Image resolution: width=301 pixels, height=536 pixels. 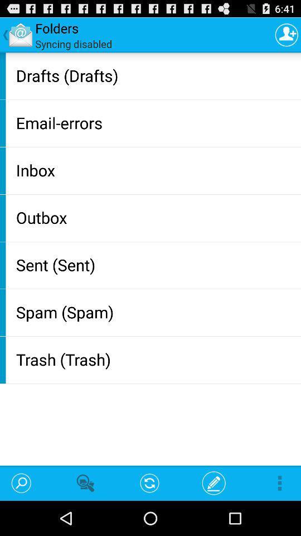 I want to click on the outbox app, so click(x=156, y=217).